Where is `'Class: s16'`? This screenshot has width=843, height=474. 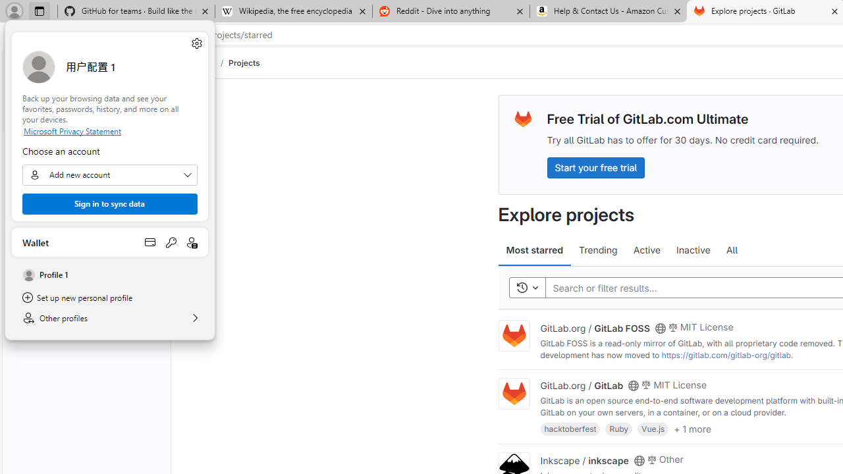 'Class: s16' is located at coordinates (639, 460).